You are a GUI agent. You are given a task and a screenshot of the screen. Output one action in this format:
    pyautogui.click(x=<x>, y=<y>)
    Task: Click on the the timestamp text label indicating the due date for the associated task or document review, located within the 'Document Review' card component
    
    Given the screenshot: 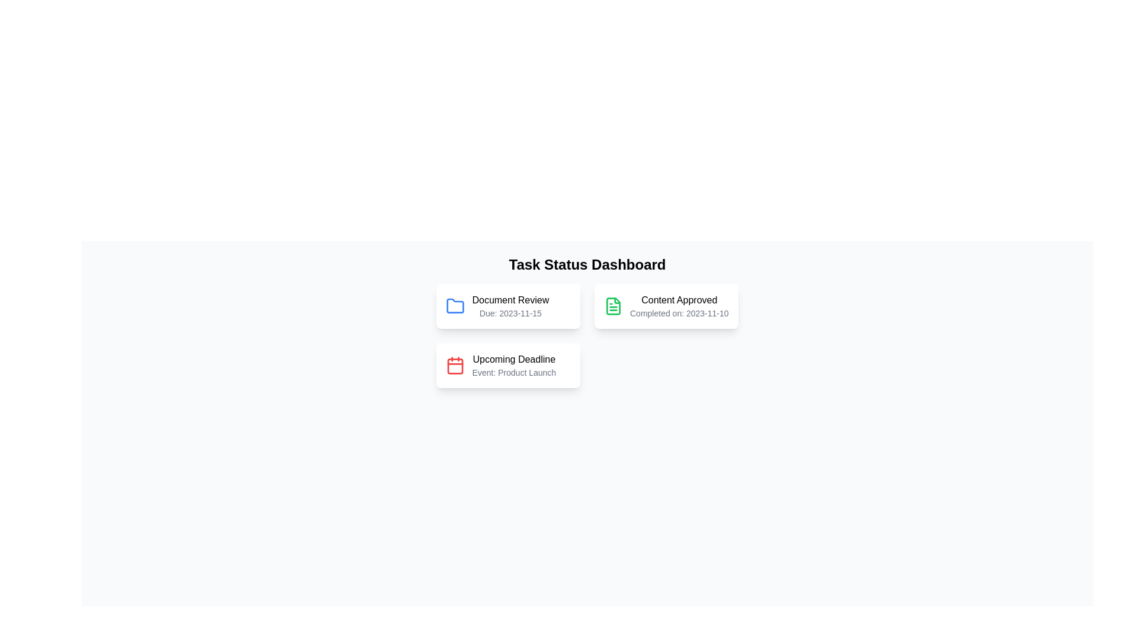 What is the action you would take?
    pyautogui.click(x=510, y=312)
    